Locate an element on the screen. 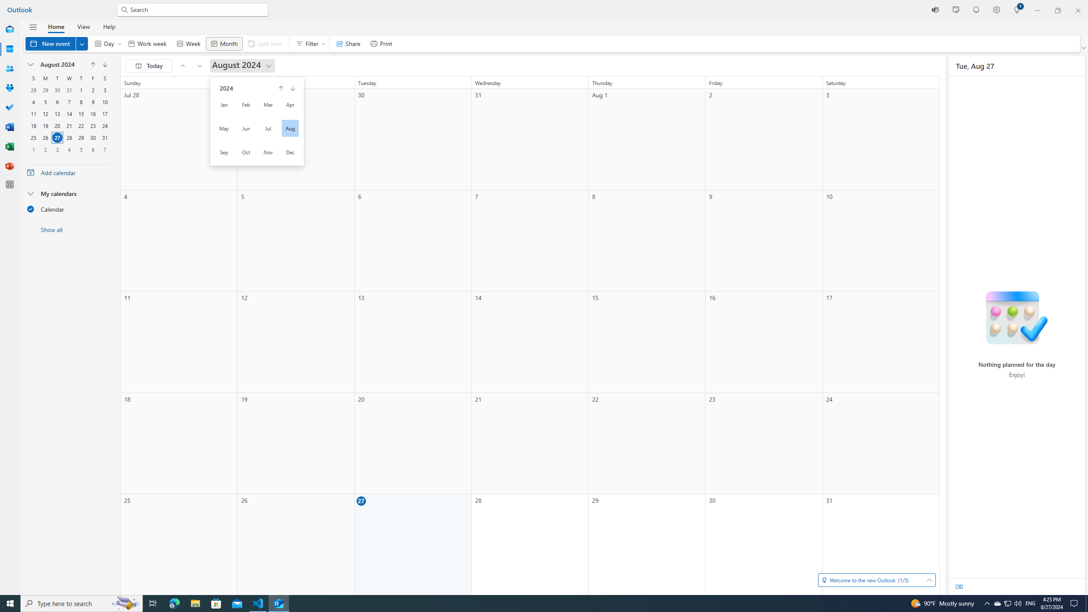 This screenshot has height=612, width=1088. '5, September, 2024' is located at coordinates (80, 150).